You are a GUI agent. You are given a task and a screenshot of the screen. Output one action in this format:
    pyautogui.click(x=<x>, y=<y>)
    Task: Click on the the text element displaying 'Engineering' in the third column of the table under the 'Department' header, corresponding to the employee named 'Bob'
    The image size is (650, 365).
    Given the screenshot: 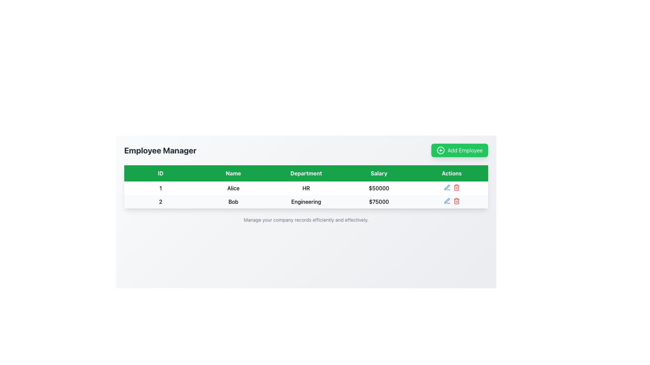 What is the action you would take?
    pyautogui.click(x=306, y=201)
    